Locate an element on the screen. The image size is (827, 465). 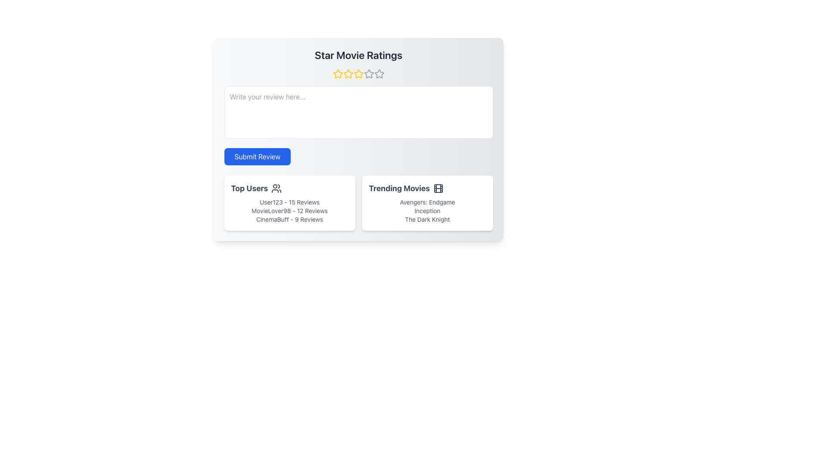
the static text display element that lists user names and their review counts, specifically the entry 'MovieLover98 - 12 Reviews', which is the second item in the 'Top Users' list is located at coordinates (289, 211).